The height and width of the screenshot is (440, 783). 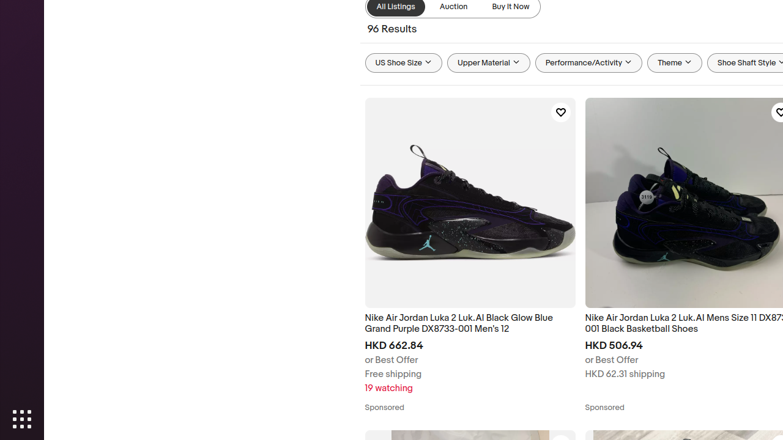 What do you see at coordinates (588, 63) in the screenshot?
I see `'Performance/Activity'` at bounding box center [588, 63].